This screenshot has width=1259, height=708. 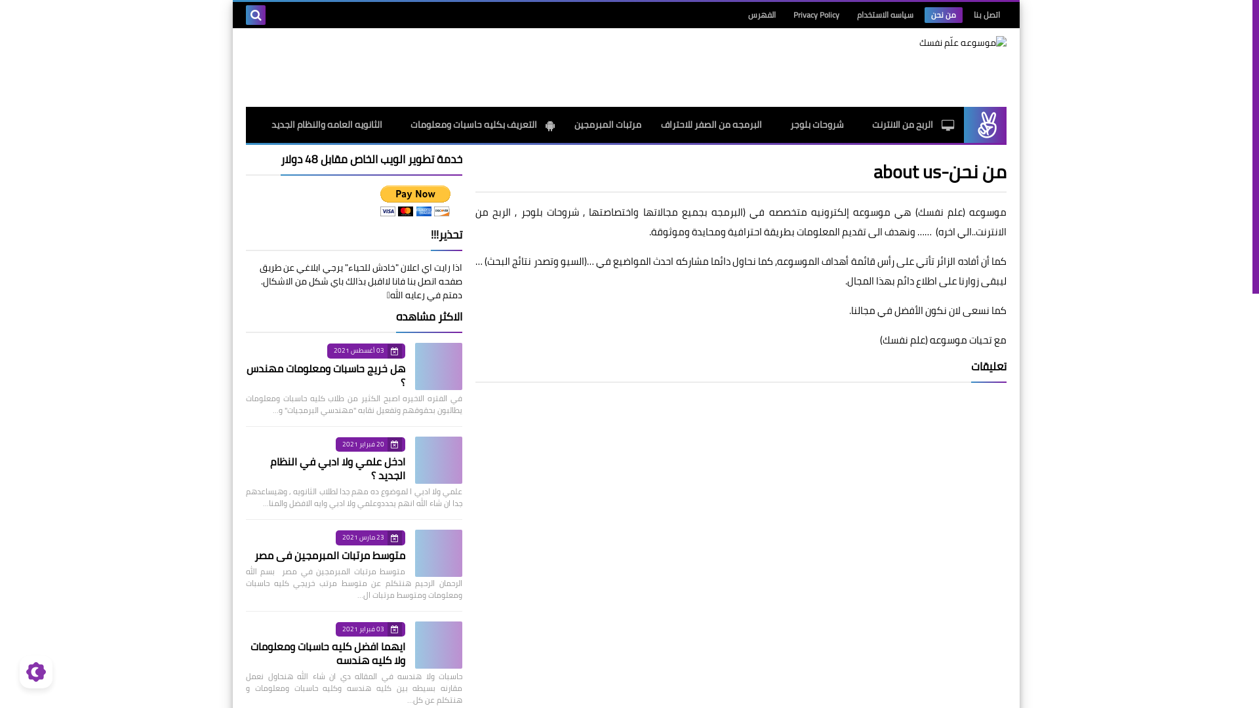 What do you see at coordinates (815, 15) in the screenshot?
I see `'Privacy Policy'` at bounding box center [815, 15].